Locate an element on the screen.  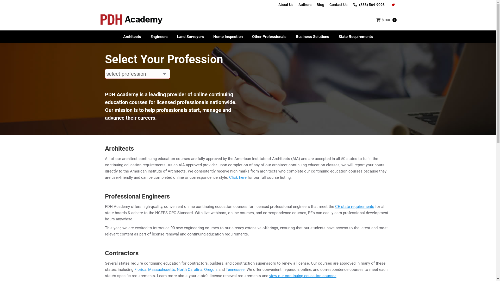
'Tennessee' is located at coordinates (235, 269).